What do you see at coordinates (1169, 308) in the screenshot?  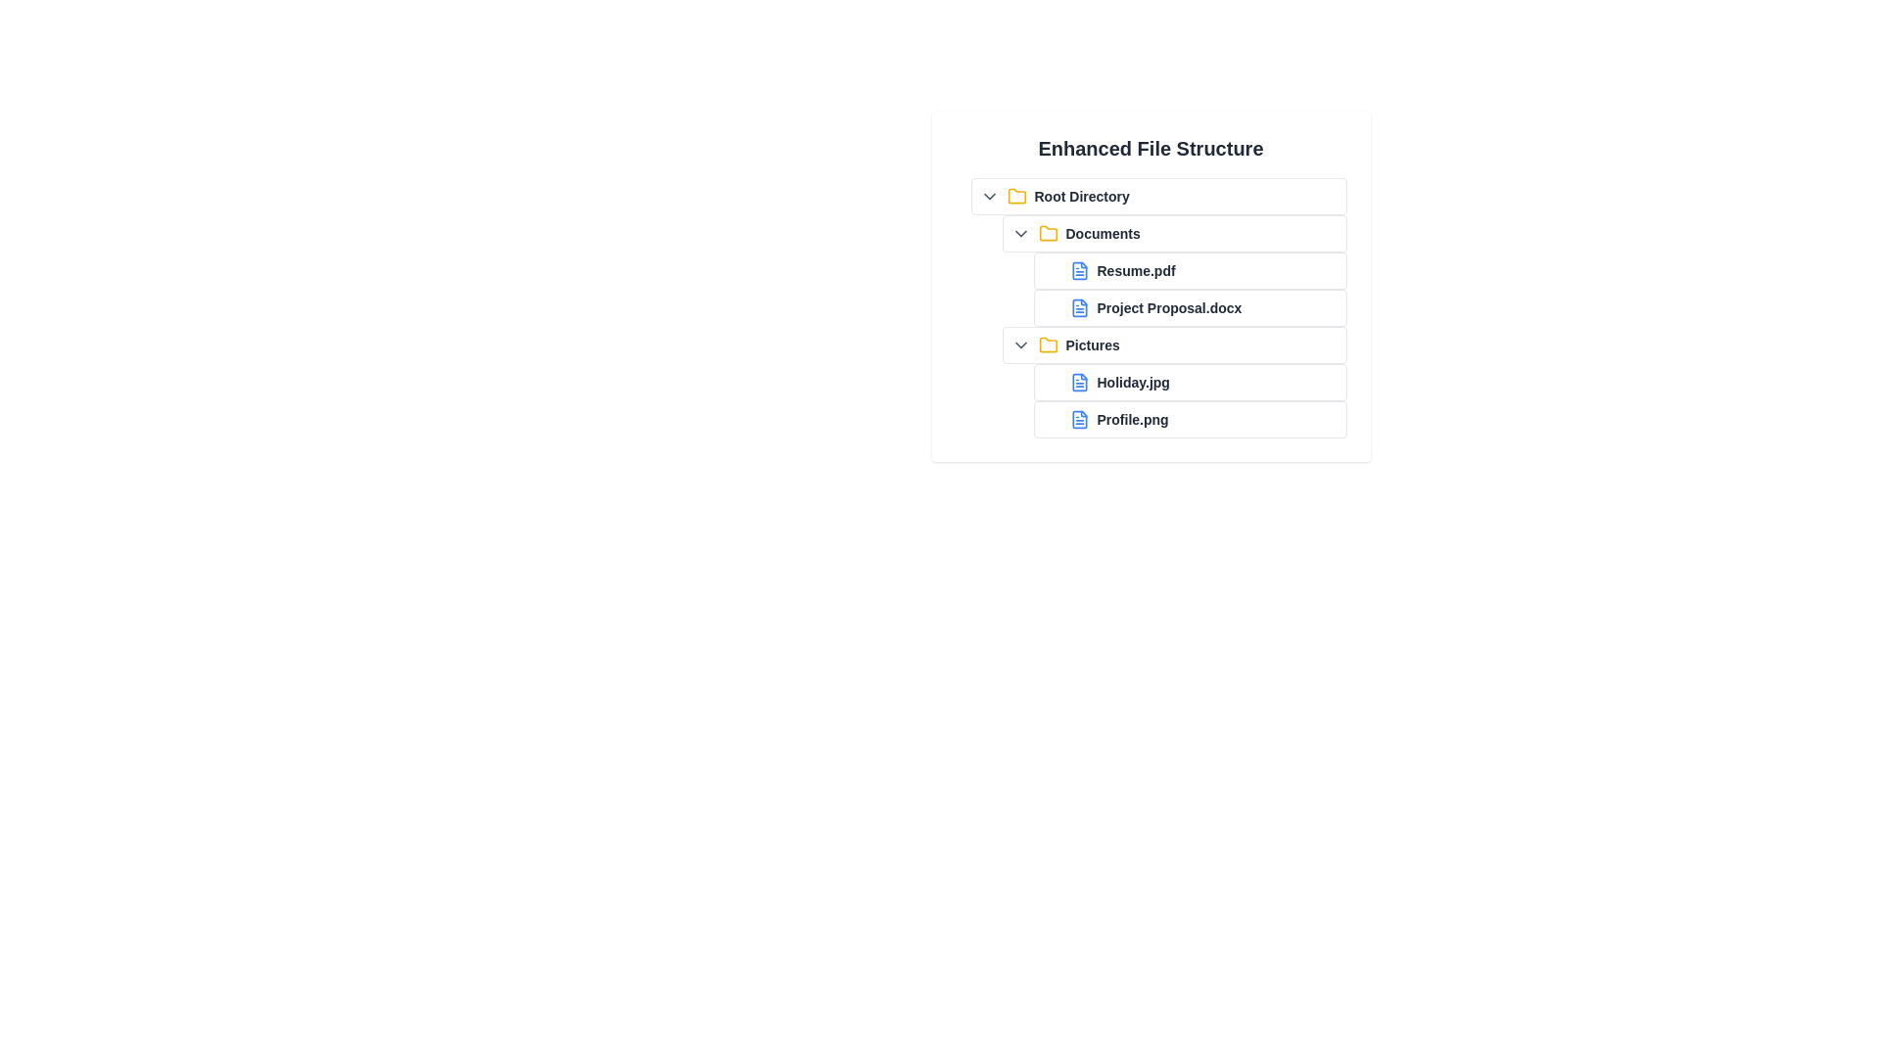 I see `the text label displaying 'Project Proposal.docx', which is the second label in the Documents folder file list` at bounding box center [1169, 308].